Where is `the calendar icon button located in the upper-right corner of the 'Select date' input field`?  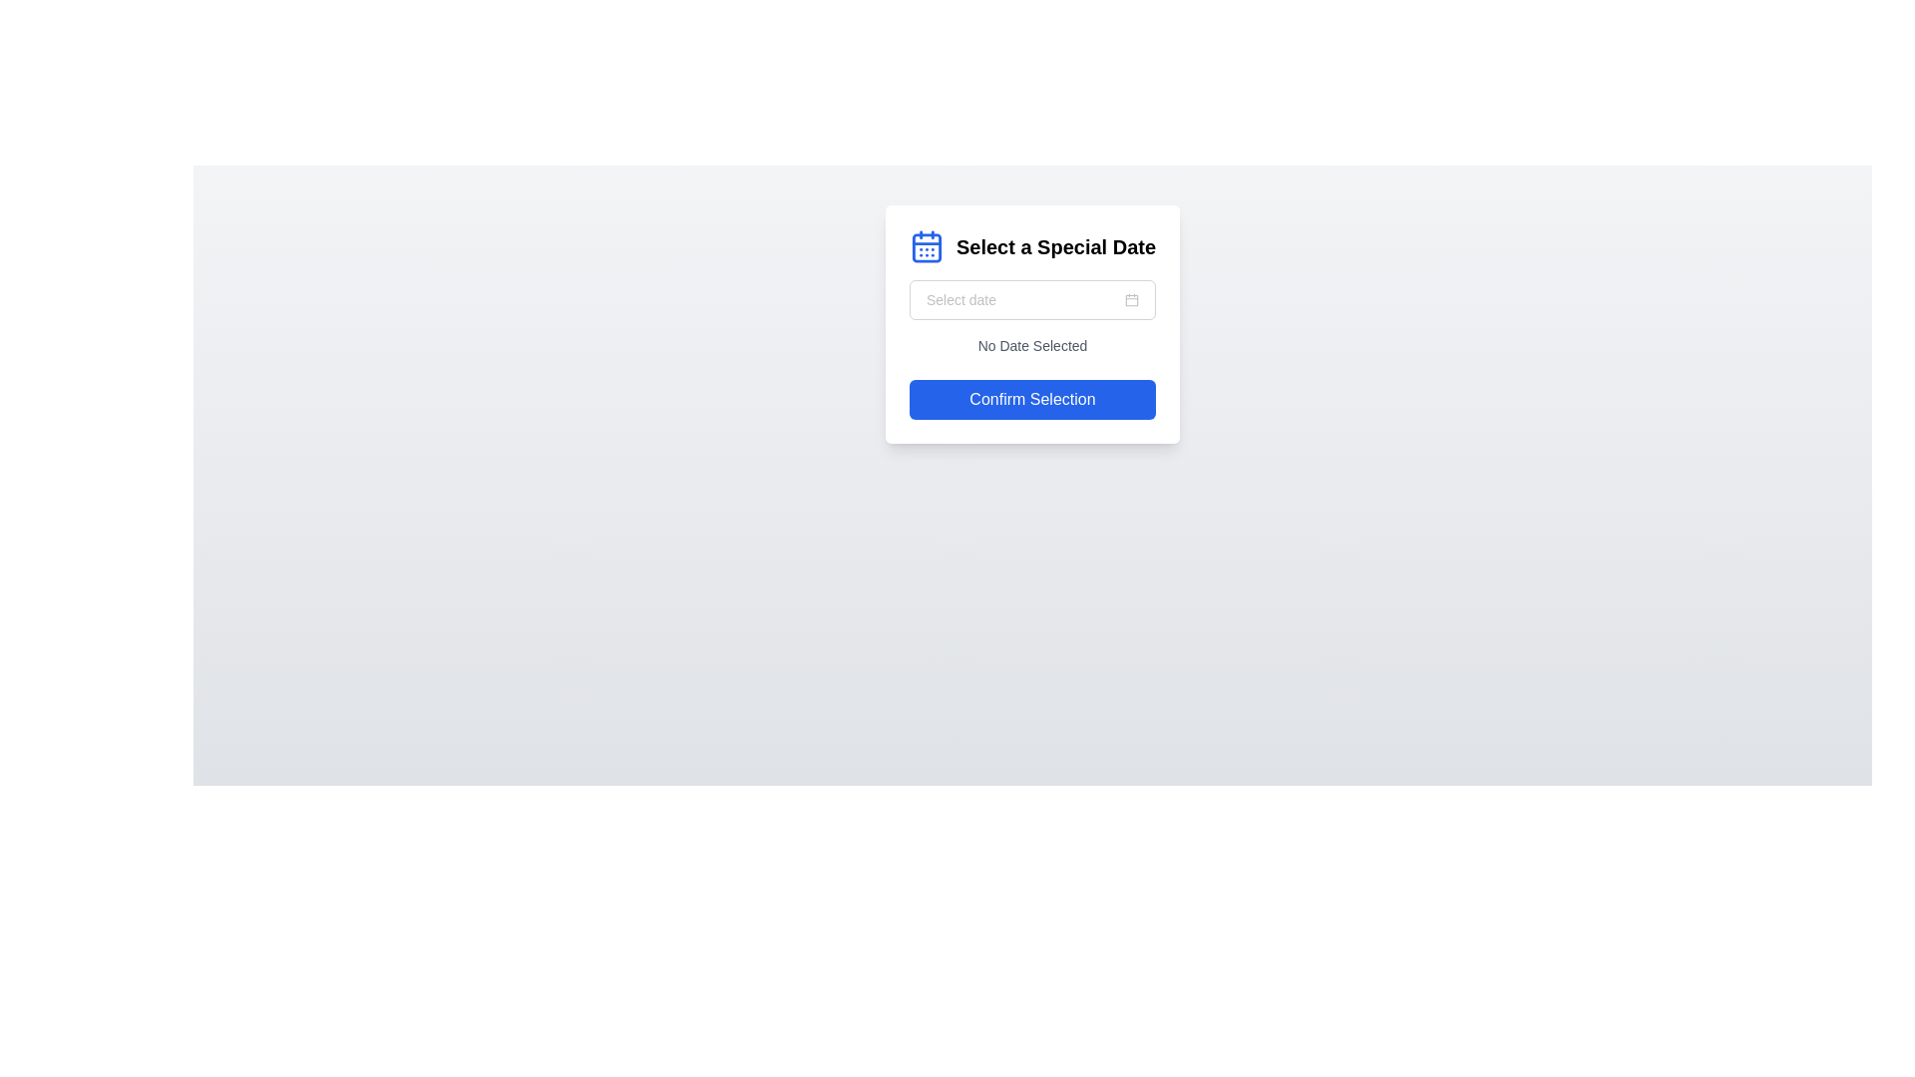
the calendar icon button located in the upper-right corner of the 'Select date' input field is located at coordinates (1132, 299).